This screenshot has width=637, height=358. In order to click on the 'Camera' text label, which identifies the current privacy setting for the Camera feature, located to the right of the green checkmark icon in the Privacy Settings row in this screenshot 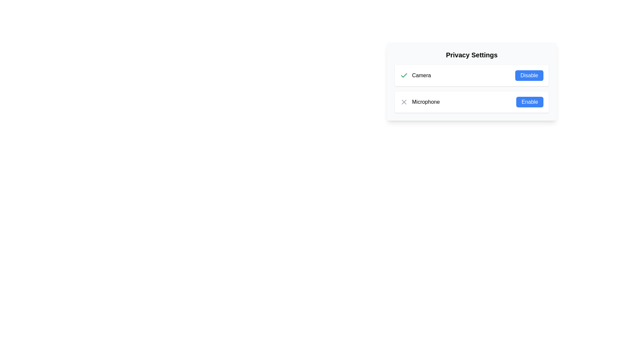, I will do `click(421, 75)`.